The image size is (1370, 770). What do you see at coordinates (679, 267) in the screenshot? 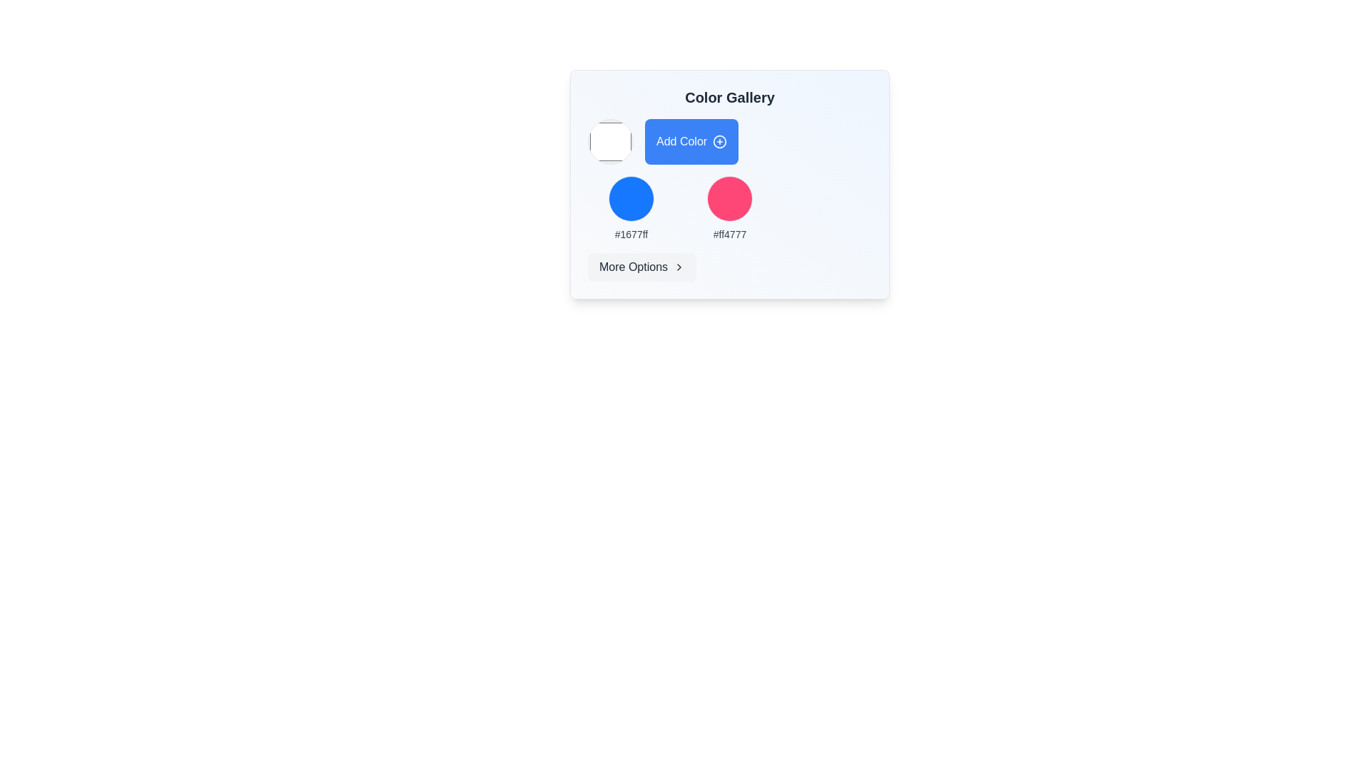
I see `the chevron icon located at the right end of the 'More Options' button` at bounding box center [679, 267].